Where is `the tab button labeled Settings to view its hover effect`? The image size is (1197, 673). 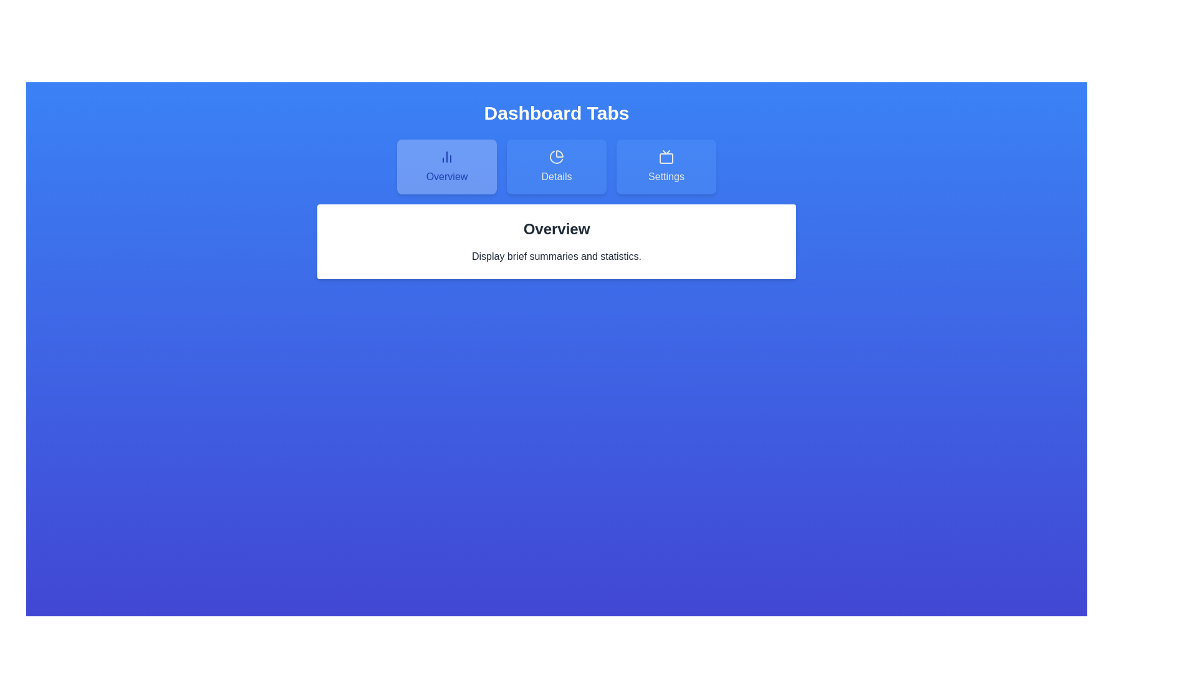
the tab button labeled Settings to view its hover effect is located at coordinates (666, 166).